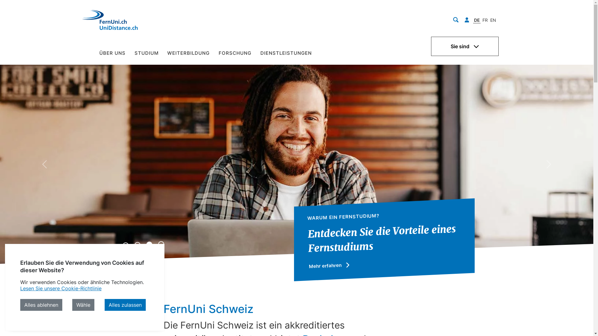  I want to click on 'FORSCHUNG', so click(235, 55).